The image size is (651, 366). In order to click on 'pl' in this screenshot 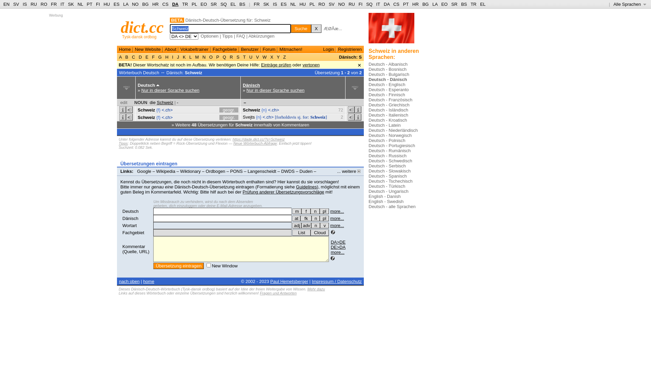, I will do `click(324, 218)`.